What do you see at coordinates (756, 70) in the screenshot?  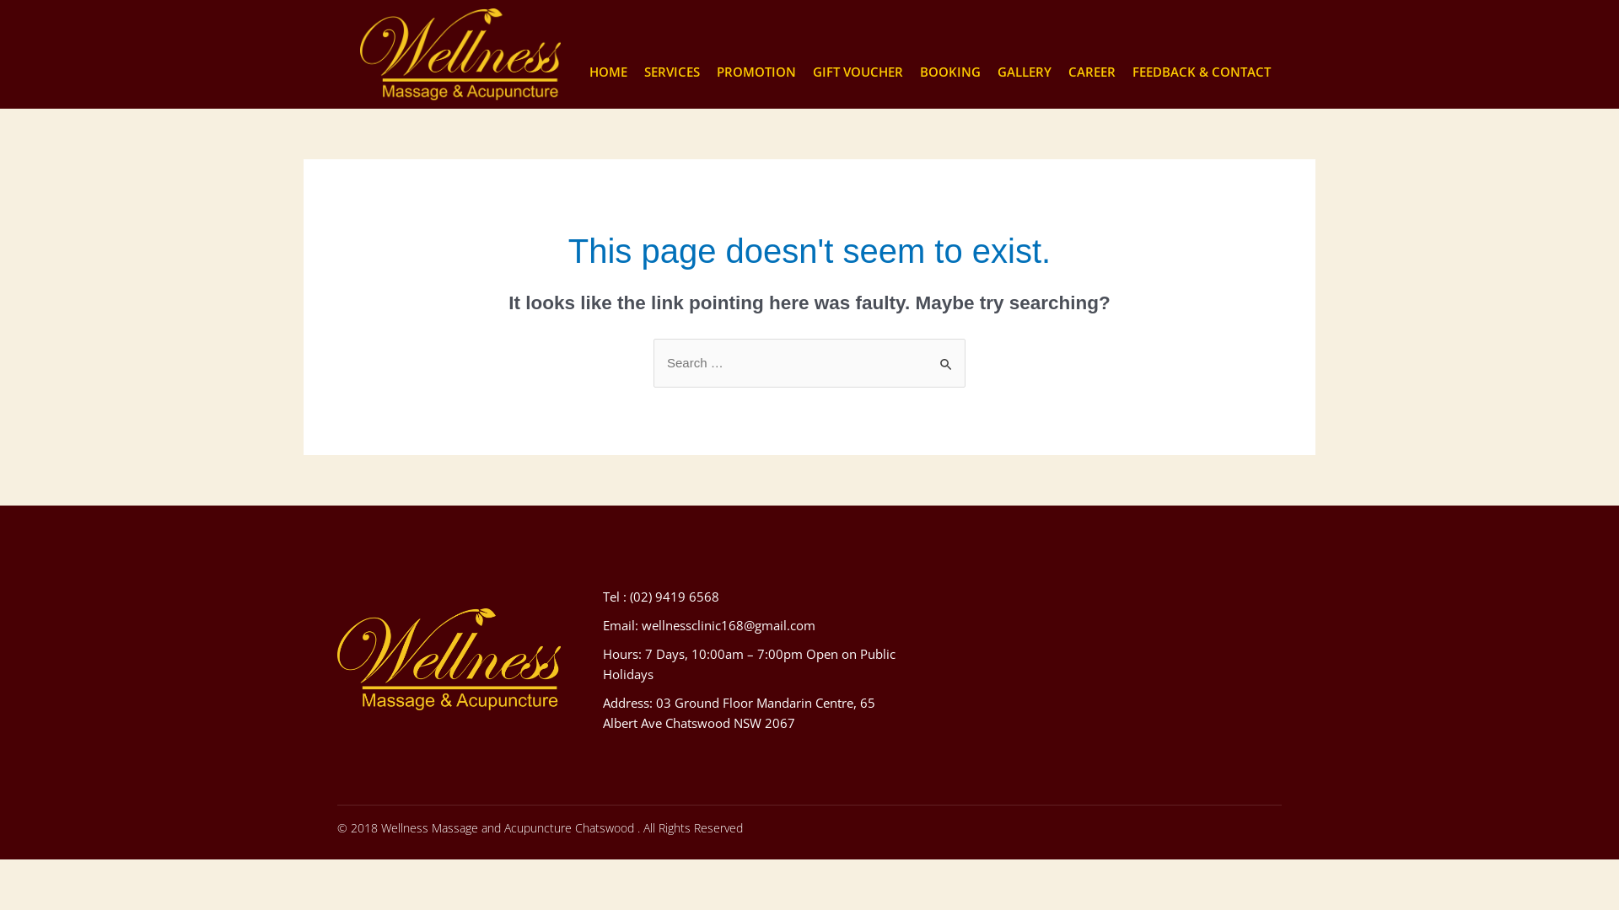 I see `'PROMOTION'` at bounding box center [756, 70].